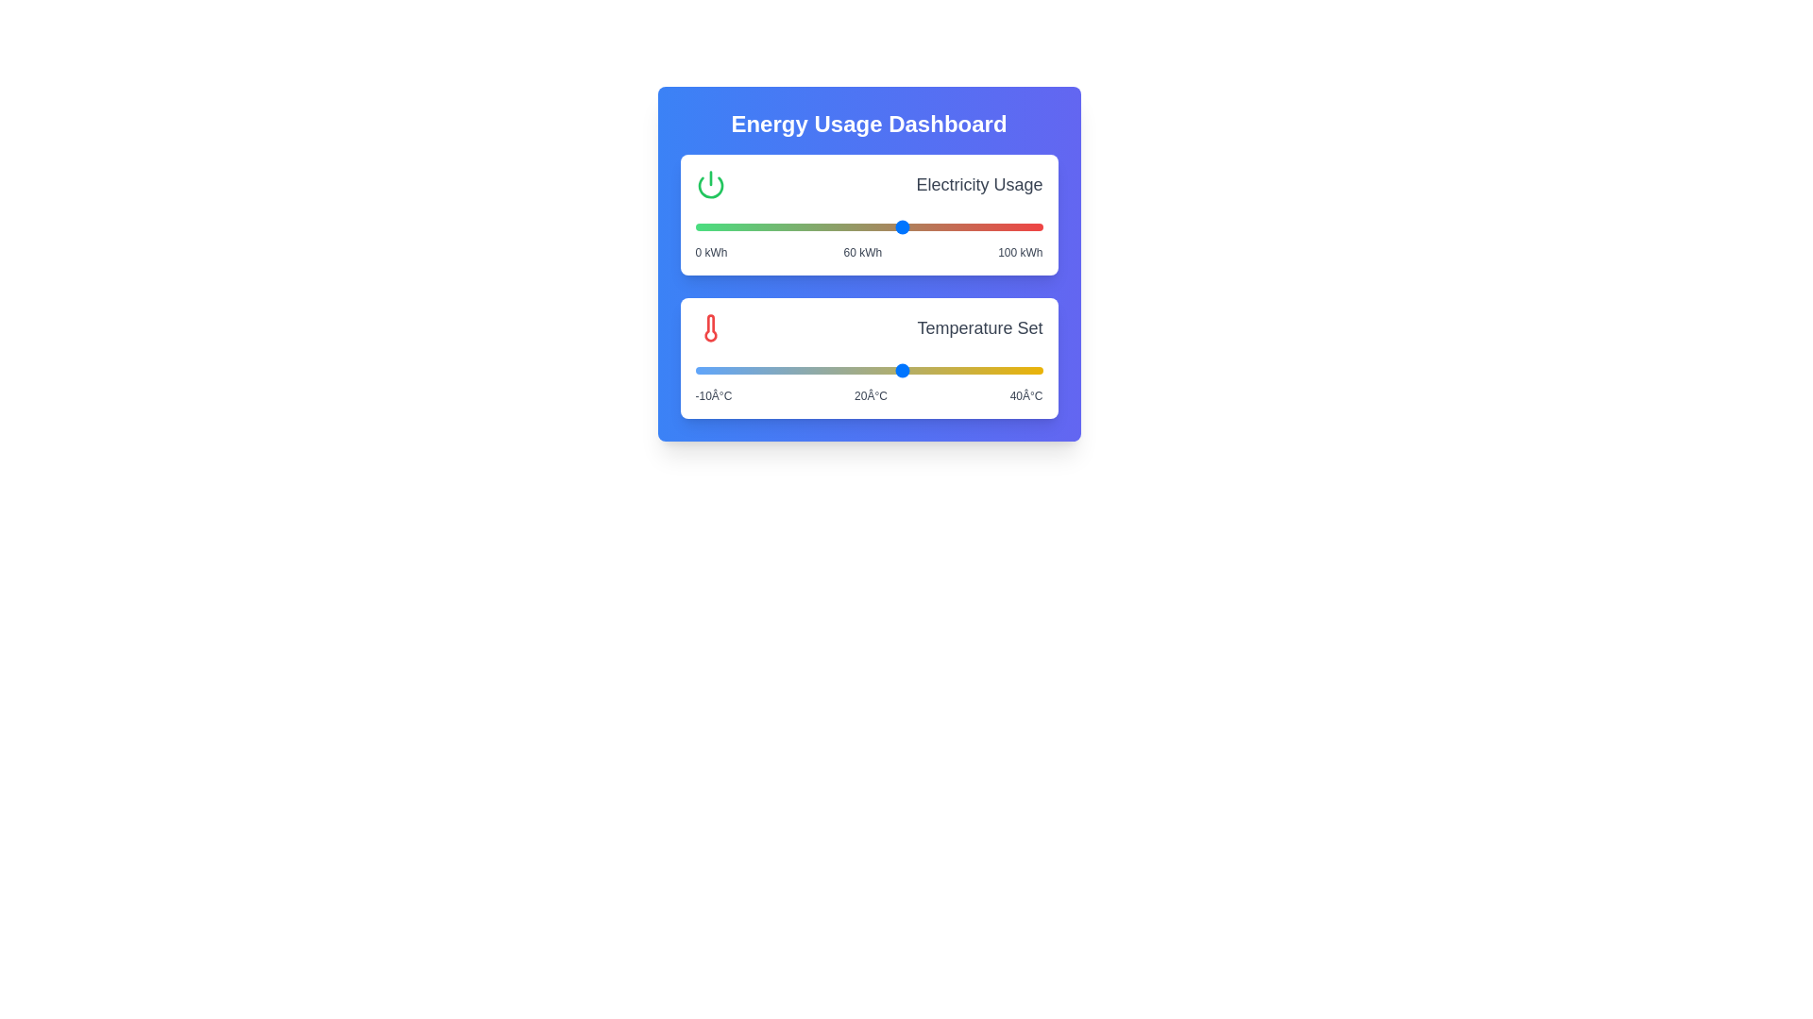 This screenshot has height=1019, width=1813. What do you see at coordinates (973, 371) in the screenshot?
I see `the temperature slider to 30°C` at bounding box center [973, 371].